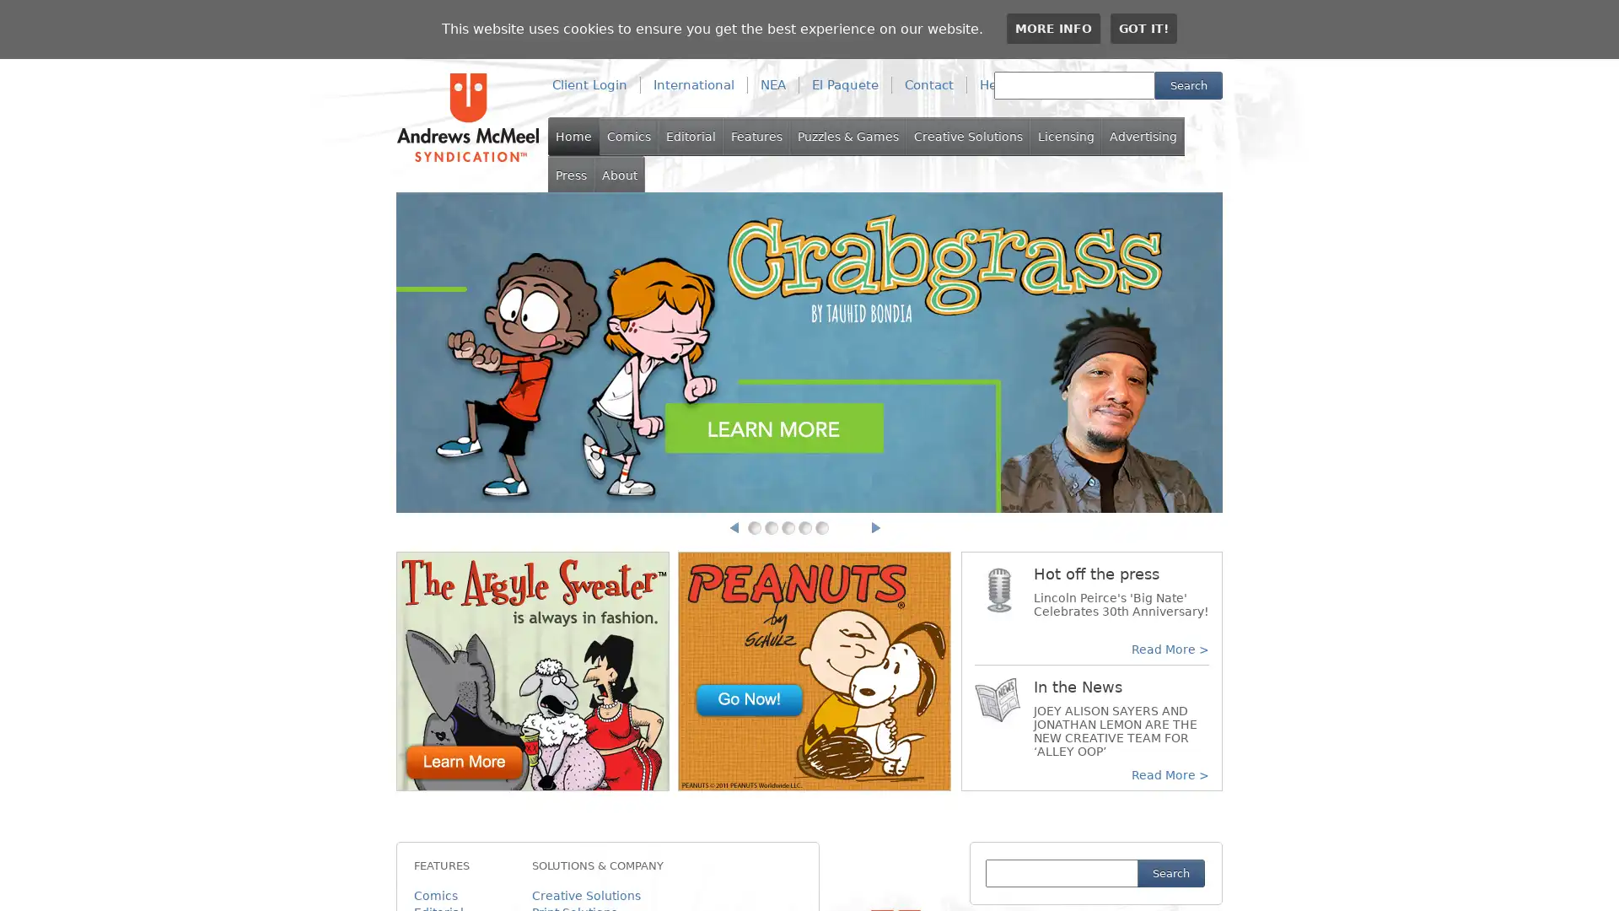  Describe the element at coordinates (1170, 873) in the screenshot. I see `Search` at that location.